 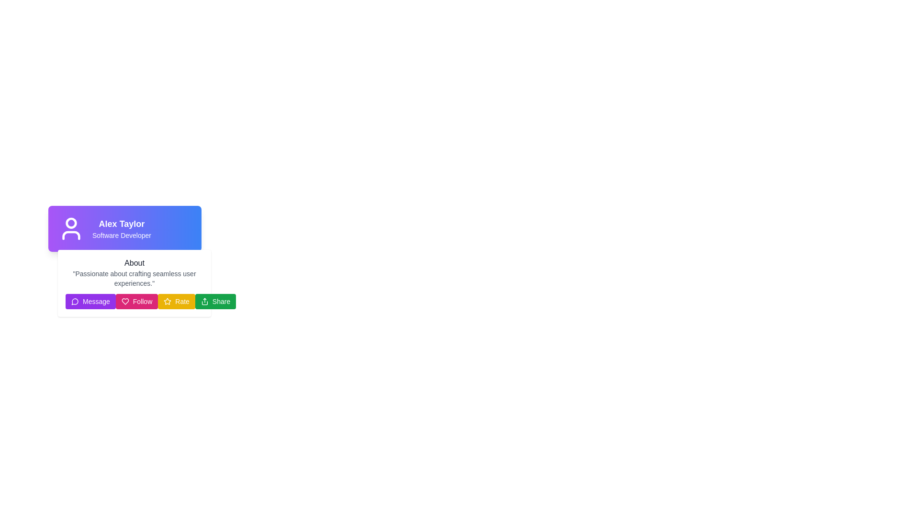 What do you see at coordinates (75, 301) in the screenshot?
I see `the circular message icon with a purple fill and white stroke, located within the 'Message' button at the bottom-left of the card under the profile banner of 'Alex Taylor, Software Developer'` at bounding box center [75, 301].